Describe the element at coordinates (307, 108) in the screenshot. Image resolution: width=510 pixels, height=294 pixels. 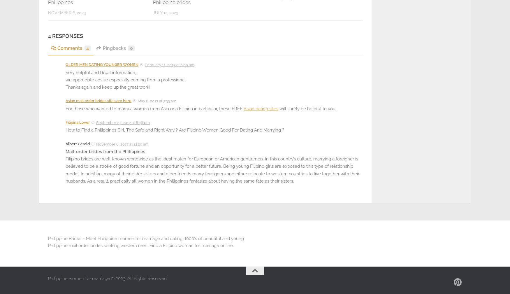
I see `'will surely be helpful to you.'` at that location.